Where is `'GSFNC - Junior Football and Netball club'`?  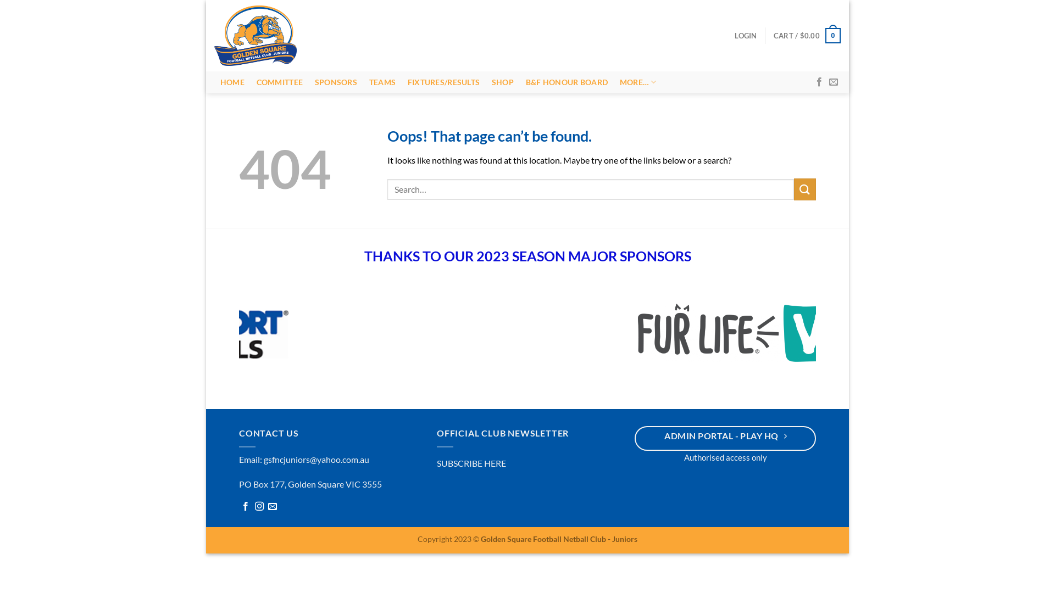
'GSFNC - Junior Football and Netball club' is located at coordinates (258, 35).